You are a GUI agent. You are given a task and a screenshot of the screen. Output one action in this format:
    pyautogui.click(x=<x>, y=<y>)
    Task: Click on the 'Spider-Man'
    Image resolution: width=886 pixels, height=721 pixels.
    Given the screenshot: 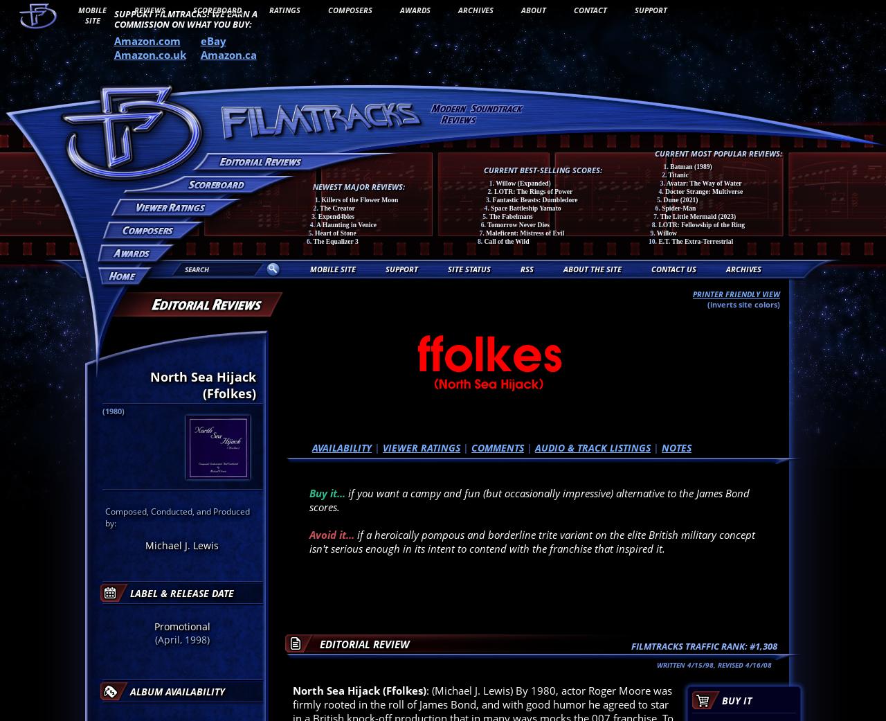 What is the action you would take?
    pyautogui.click(x=678, y=207)
    